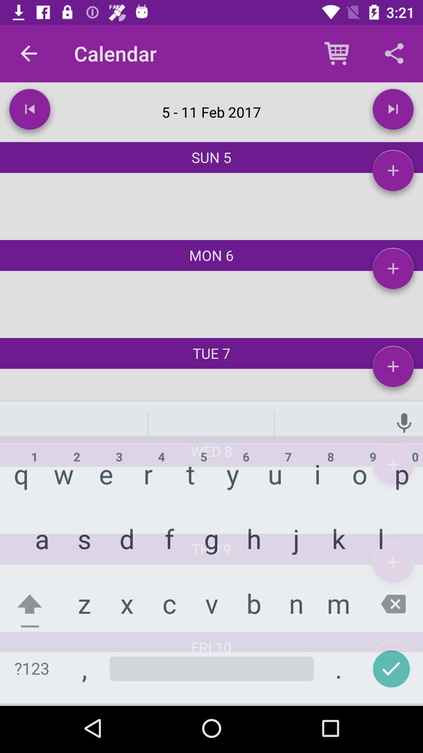 The image size is (423, 753). What do you see at coordinates (29, 112) in the screenshot?
I see `the skip_previous icon` at bounding box center [29, 112].